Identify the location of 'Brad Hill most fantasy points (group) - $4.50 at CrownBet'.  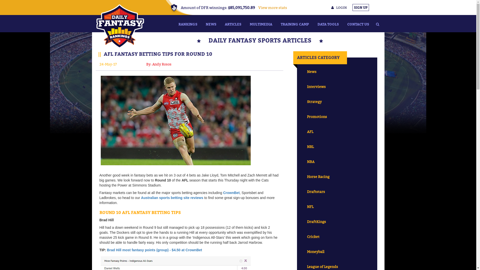
(154, 250).